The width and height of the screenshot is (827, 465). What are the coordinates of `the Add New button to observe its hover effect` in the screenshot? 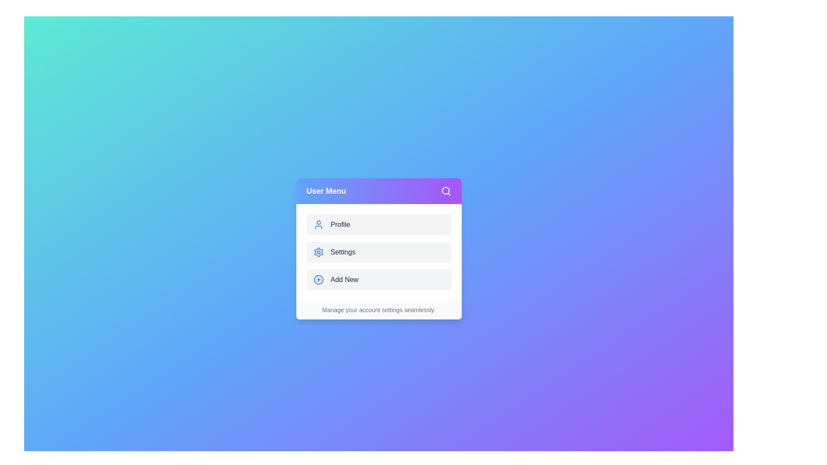 It's located at (379, 280).